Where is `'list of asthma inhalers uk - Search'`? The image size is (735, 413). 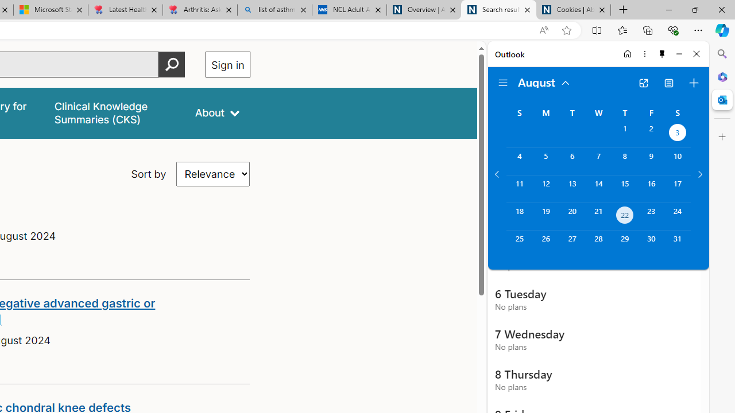
'list of asthma inhalers uk - Search' is located at coordinates (274, 10).